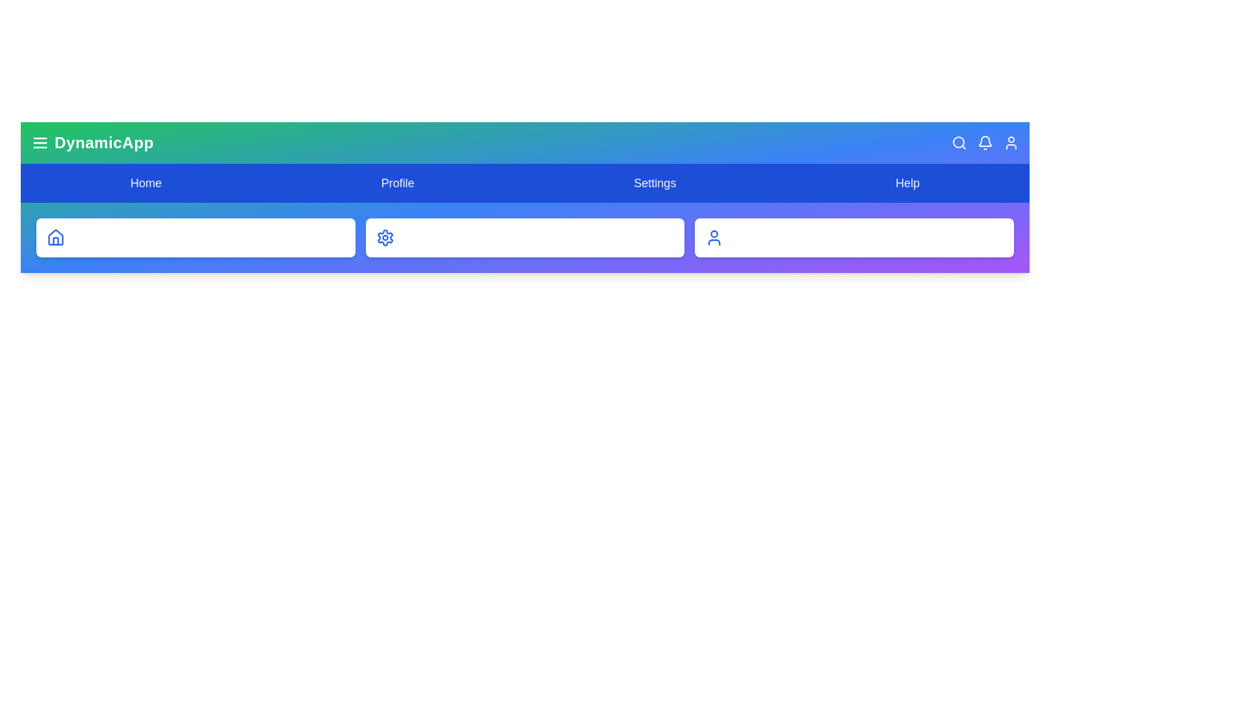 The width and height of the screenshot is (1248, 702). What do you see at coordinates (146, 183) in the screenshot?
I see `the Home navigation item to navigate to the corresponding section` at bounding box center [146, 183].